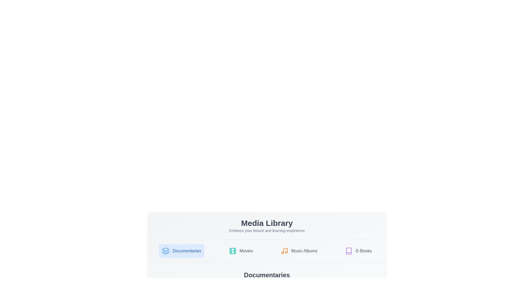  I want to click on the tab labeled Documentaries, so click(182, 251).